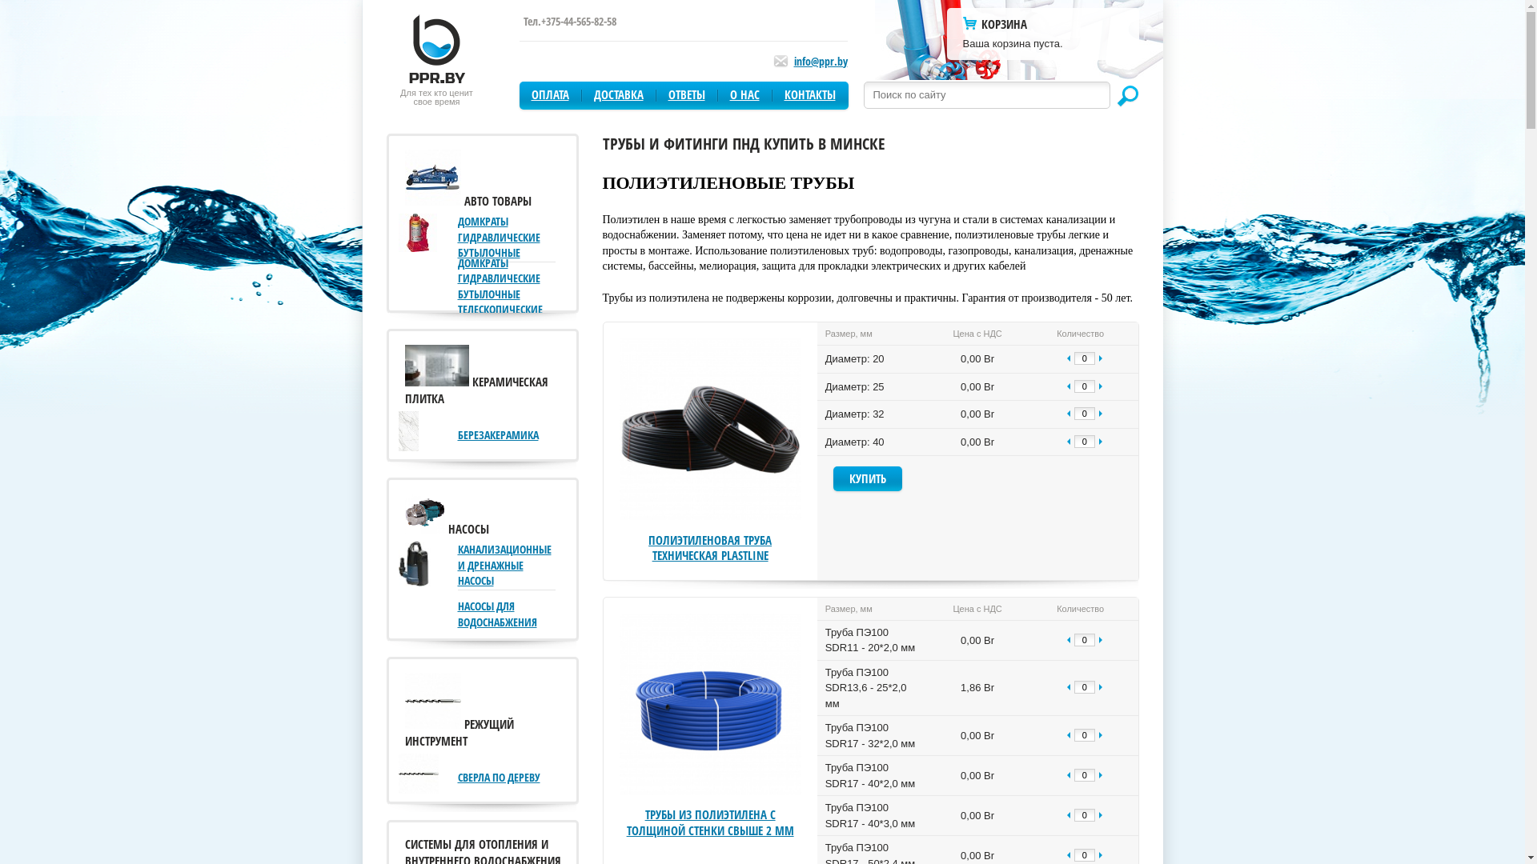  I want to click on '-', so click(1068, 640).